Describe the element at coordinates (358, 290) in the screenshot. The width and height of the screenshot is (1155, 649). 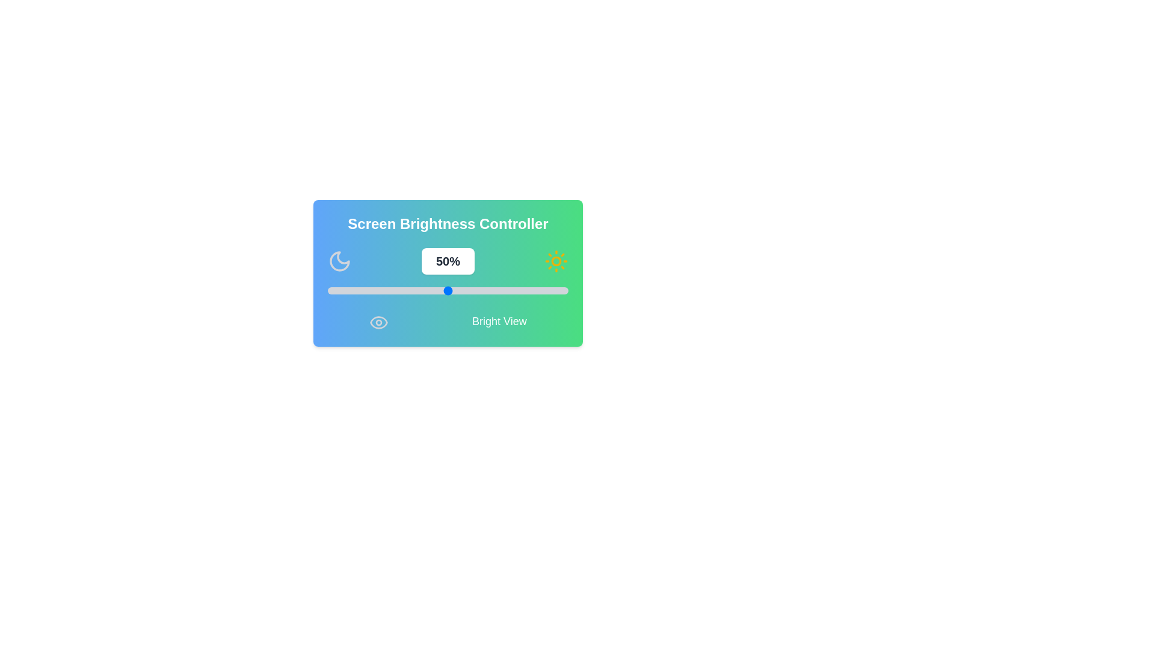
I see `the brightness level to 13% using the slider` at that location.